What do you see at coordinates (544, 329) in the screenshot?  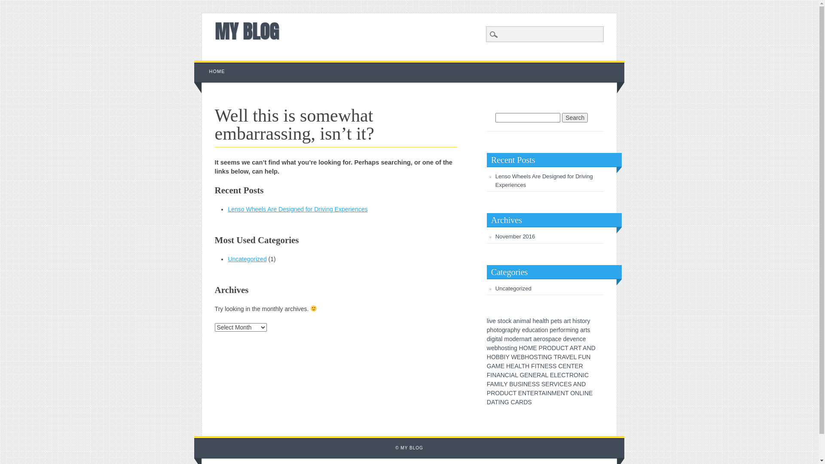 I see `'n'` at bounding box center [544, 329].